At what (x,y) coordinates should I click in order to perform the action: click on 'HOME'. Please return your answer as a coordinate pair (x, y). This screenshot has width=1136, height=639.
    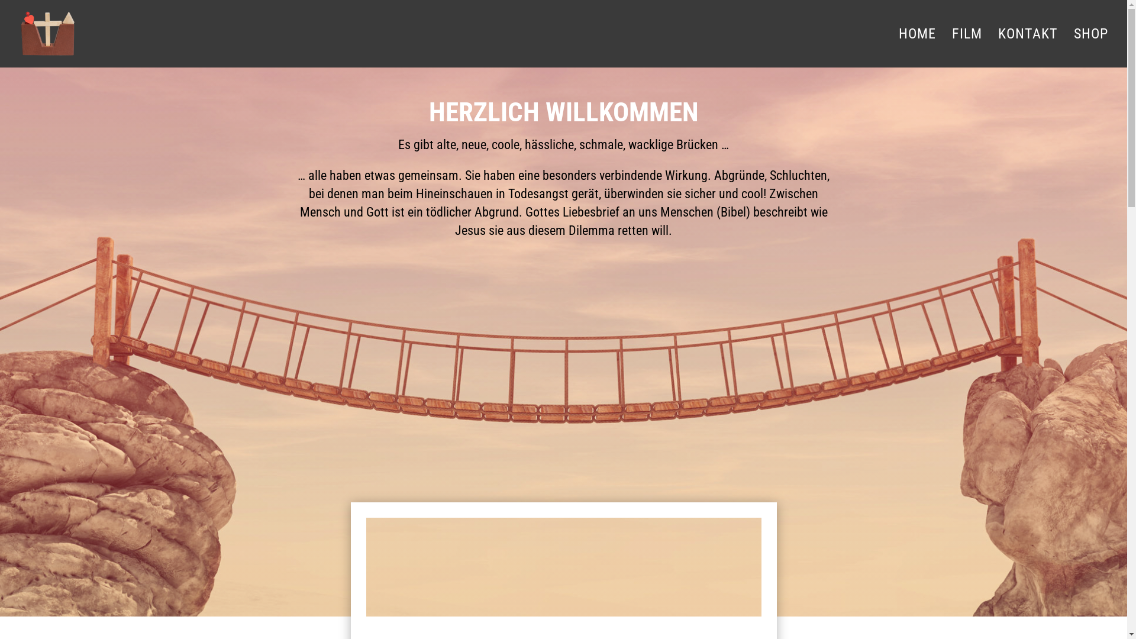
    Looking at the image, I should click on (916, 47).